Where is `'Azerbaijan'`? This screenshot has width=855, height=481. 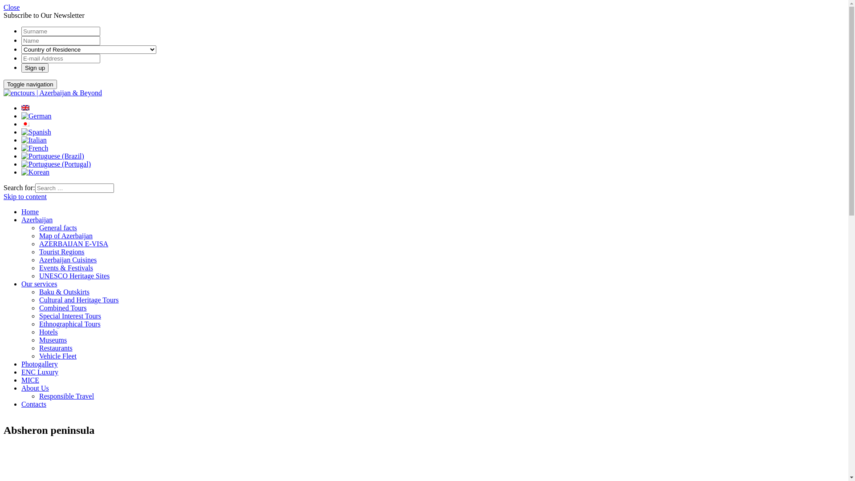
'Azerbaijan' is located at coordinates (21, 220).